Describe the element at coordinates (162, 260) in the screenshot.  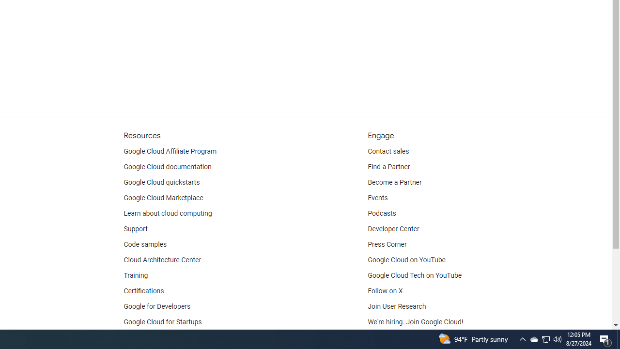
I see `'Cloud Architecture Center'` at that location.